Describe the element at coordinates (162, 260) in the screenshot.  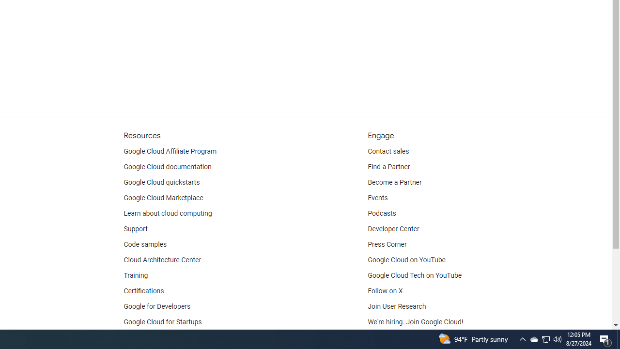
I see `'Cloud Architecture Center'` at that location.